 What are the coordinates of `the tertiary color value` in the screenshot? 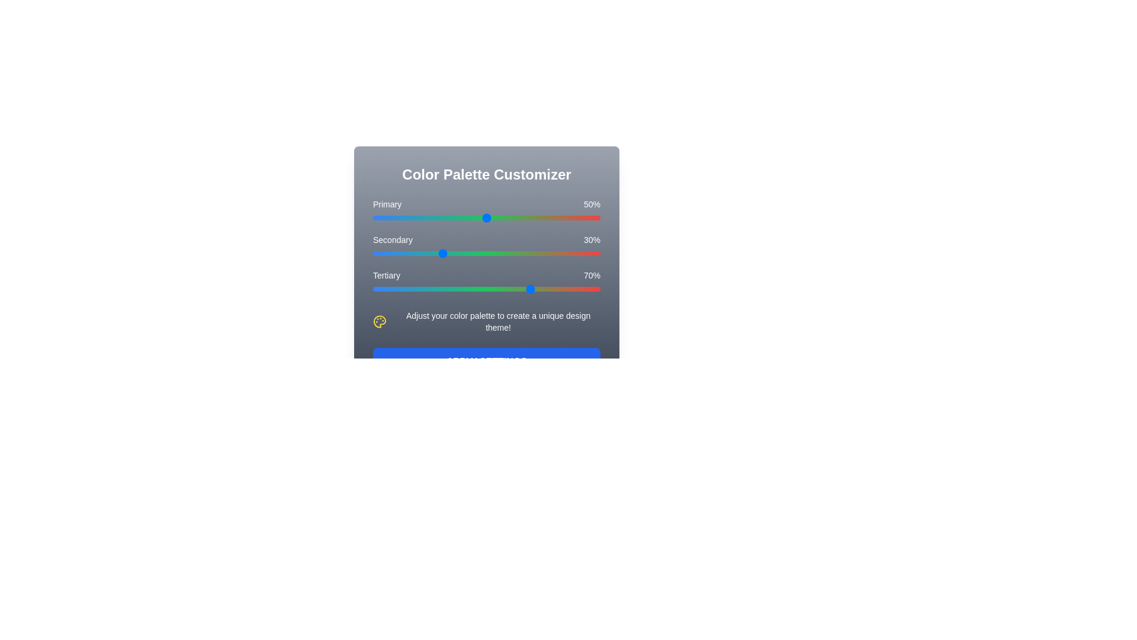 It's located at (402, 289).